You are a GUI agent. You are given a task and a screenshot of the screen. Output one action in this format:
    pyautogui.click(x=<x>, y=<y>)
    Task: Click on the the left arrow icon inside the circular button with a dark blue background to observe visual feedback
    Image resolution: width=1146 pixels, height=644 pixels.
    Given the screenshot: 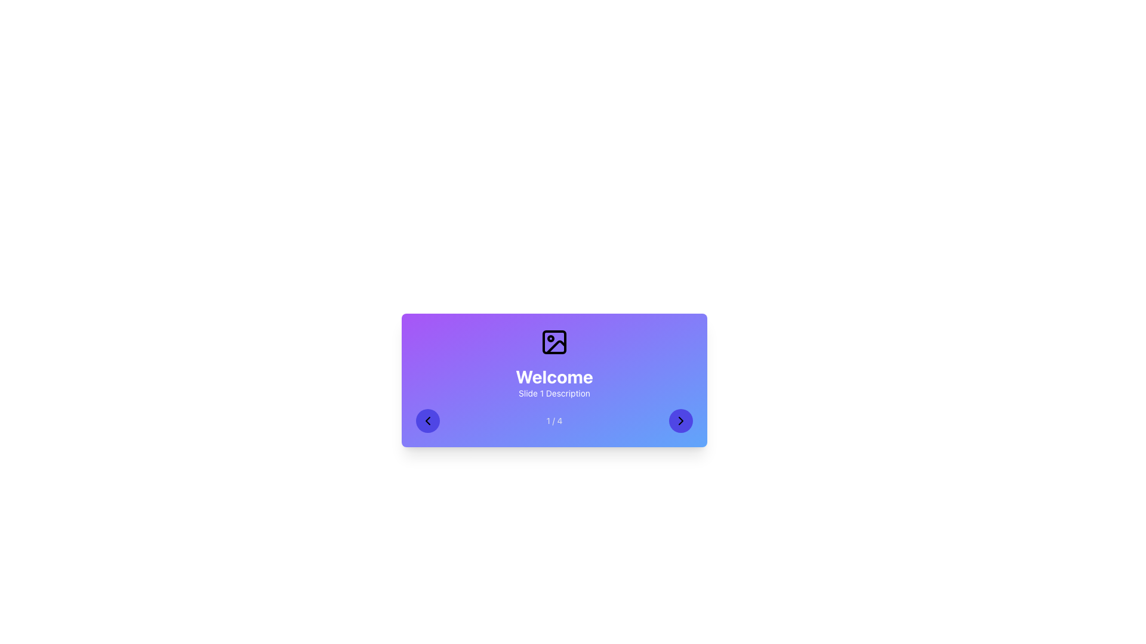 What is the action you would take?
    pyautogui.click(x=427, y=420)
    